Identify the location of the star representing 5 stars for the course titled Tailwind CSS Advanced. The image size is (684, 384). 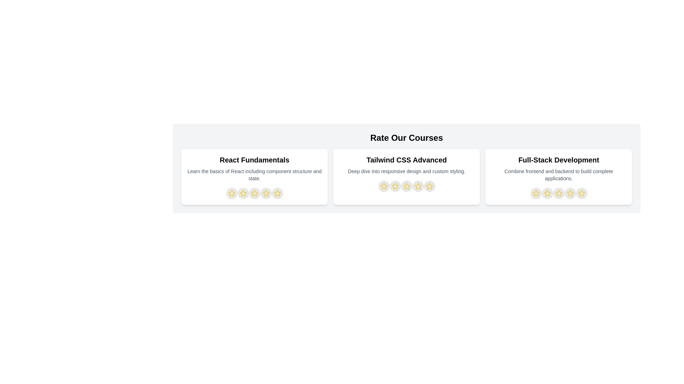
(429, 186).